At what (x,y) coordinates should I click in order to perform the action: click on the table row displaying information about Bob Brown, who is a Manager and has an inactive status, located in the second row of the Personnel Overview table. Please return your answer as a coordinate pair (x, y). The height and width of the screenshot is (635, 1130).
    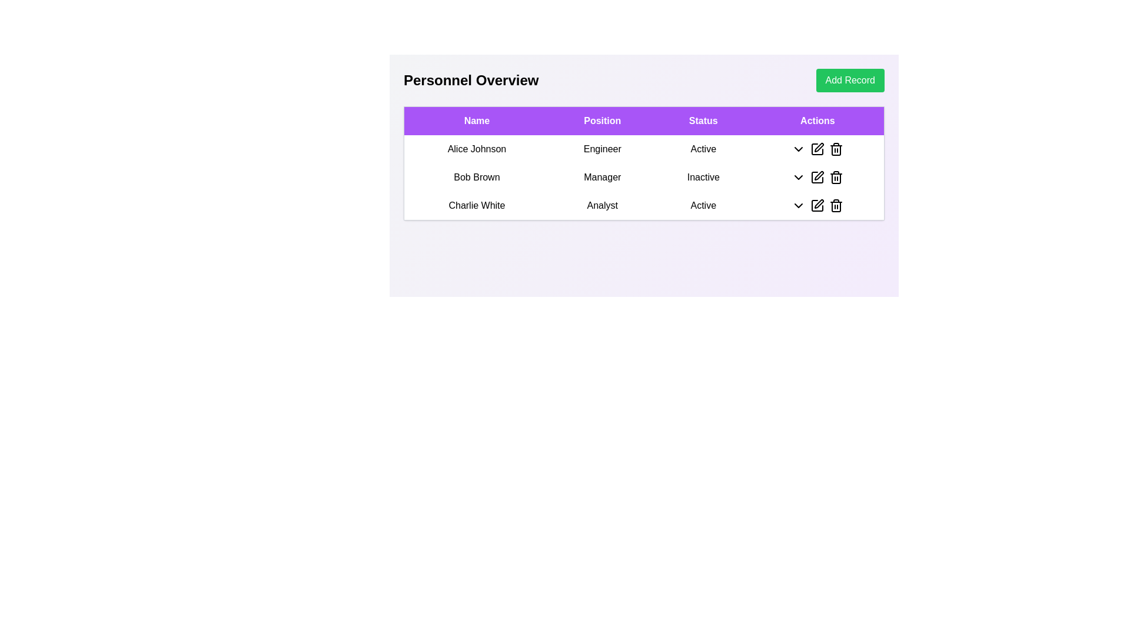
    Looking at the image, I should click on (643, 177).